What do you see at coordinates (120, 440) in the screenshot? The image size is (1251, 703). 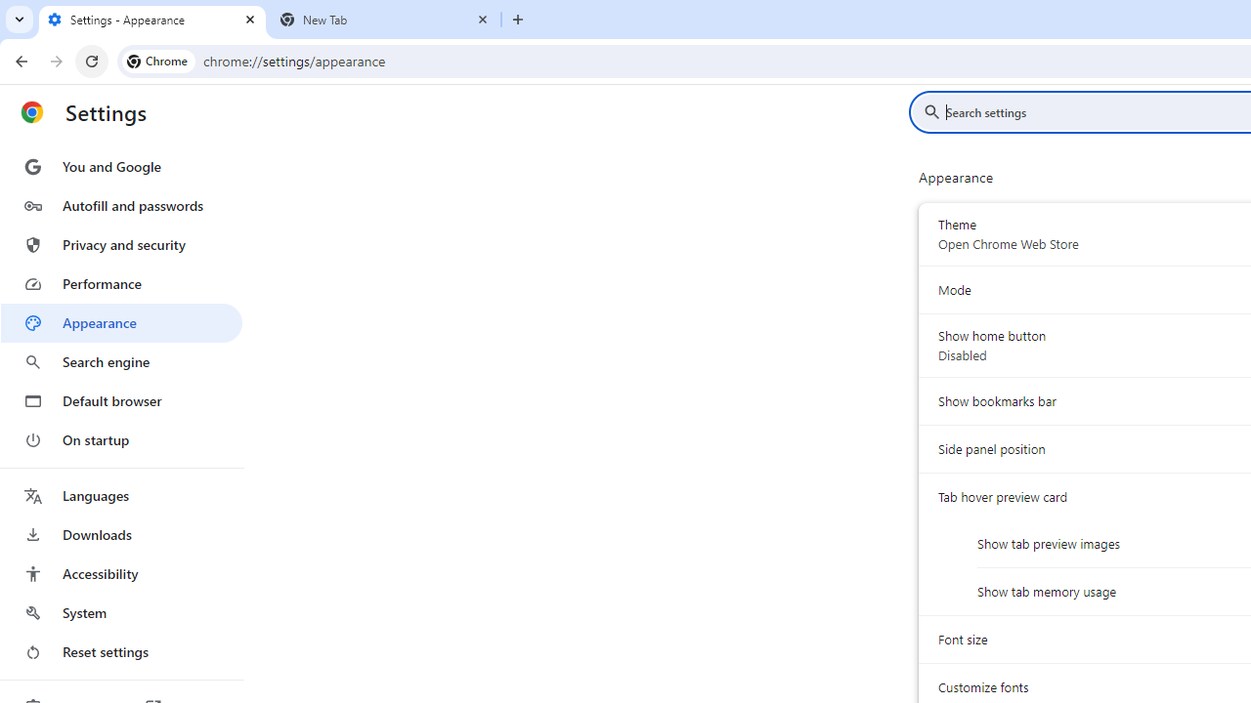 I see `'On startup'` at bounding box center [120, 440].